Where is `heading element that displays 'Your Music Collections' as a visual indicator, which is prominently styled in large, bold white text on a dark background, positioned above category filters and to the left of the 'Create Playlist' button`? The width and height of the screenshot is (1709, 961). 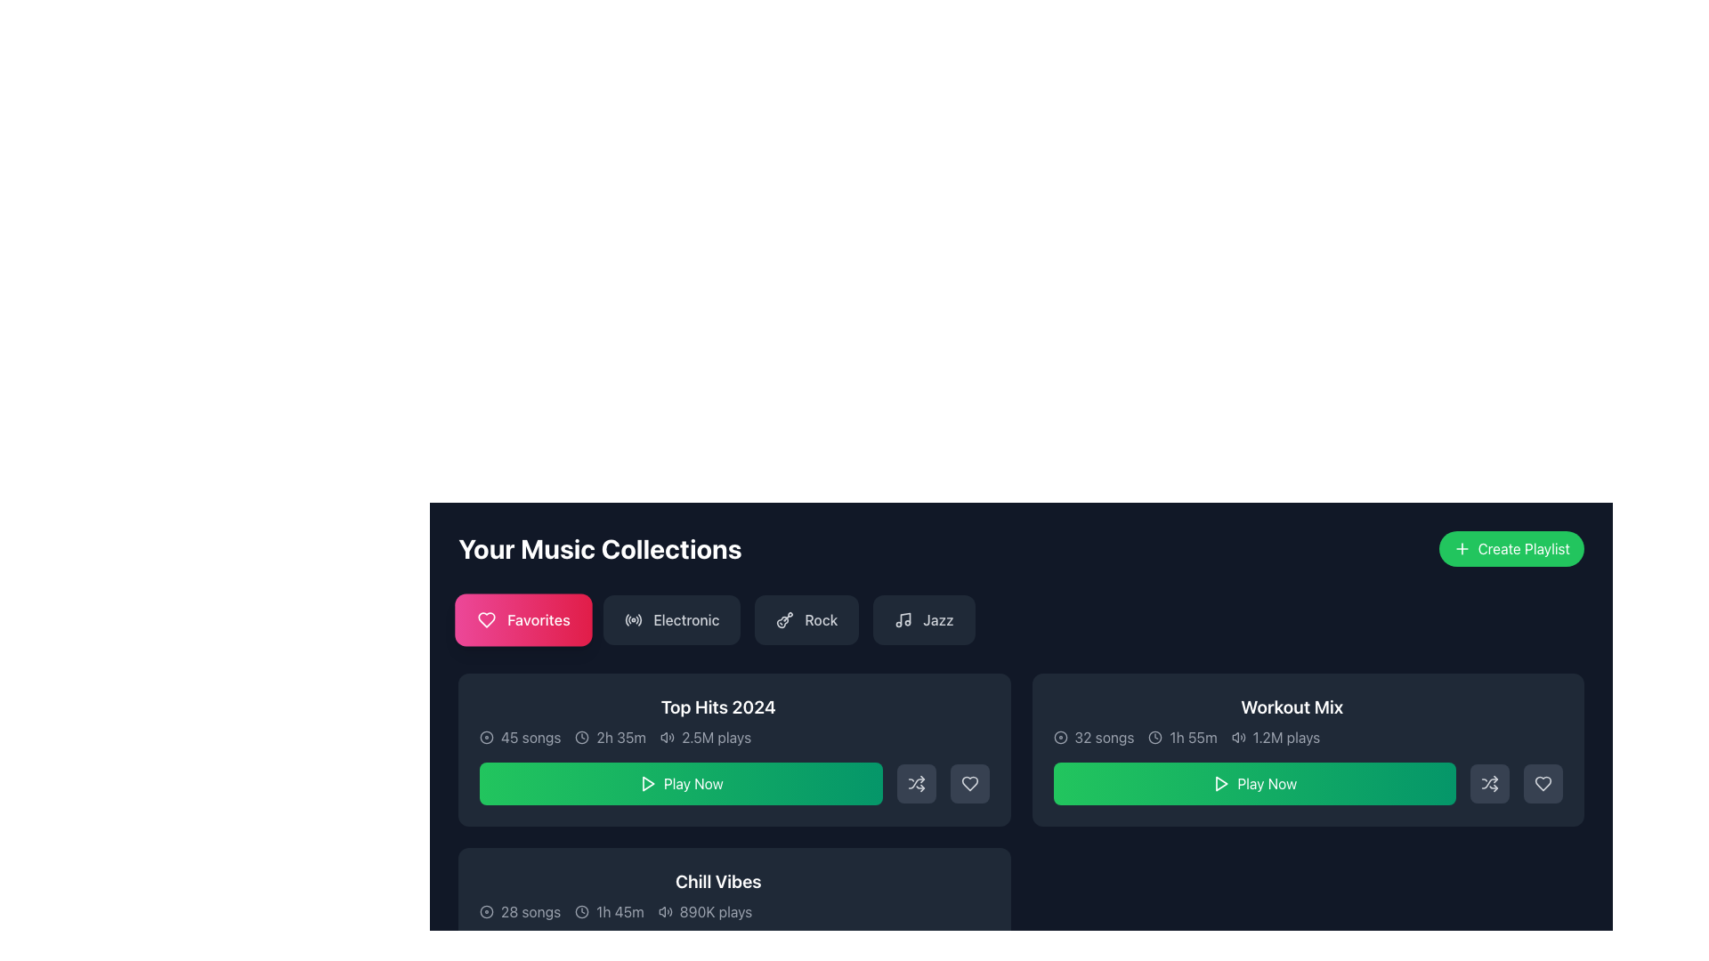
heading element that displays 'Your Music Collections' as a visual indicator, which is prominently styled in large, bold white text on a dark background, positioned above category filters and to the left of the 'Create Playlist' button is located at coordinates (600, 548).